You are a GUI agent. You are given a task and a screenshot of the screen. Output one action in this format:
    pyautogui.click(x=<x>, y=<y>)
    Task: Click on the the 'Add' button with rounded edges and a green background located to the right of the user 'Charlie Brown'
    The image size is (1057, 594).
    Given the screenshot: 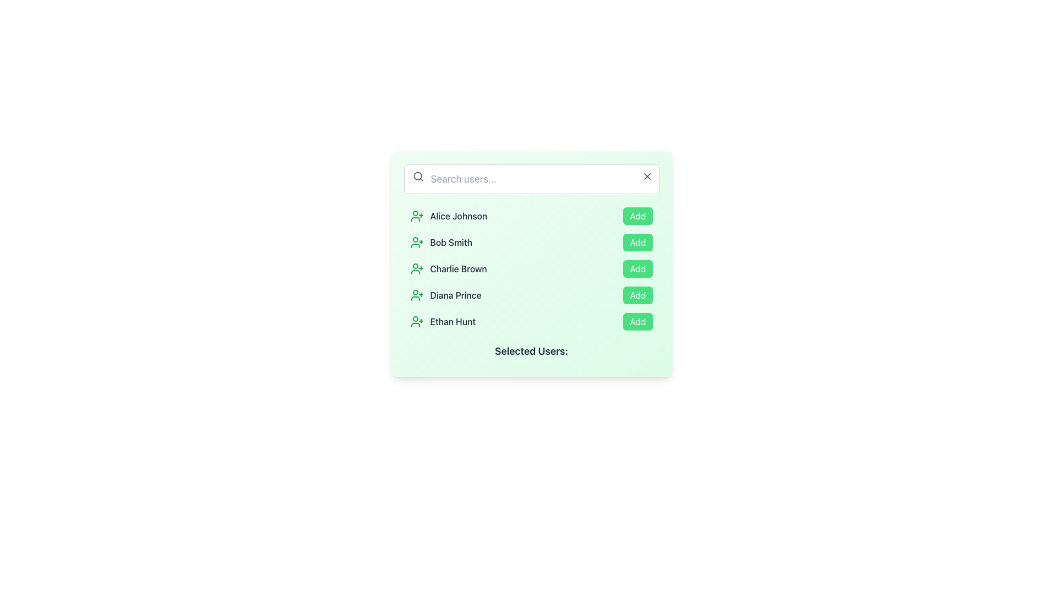 What is the action you would take?
    pyautogui.click(x=638, y=269)
    